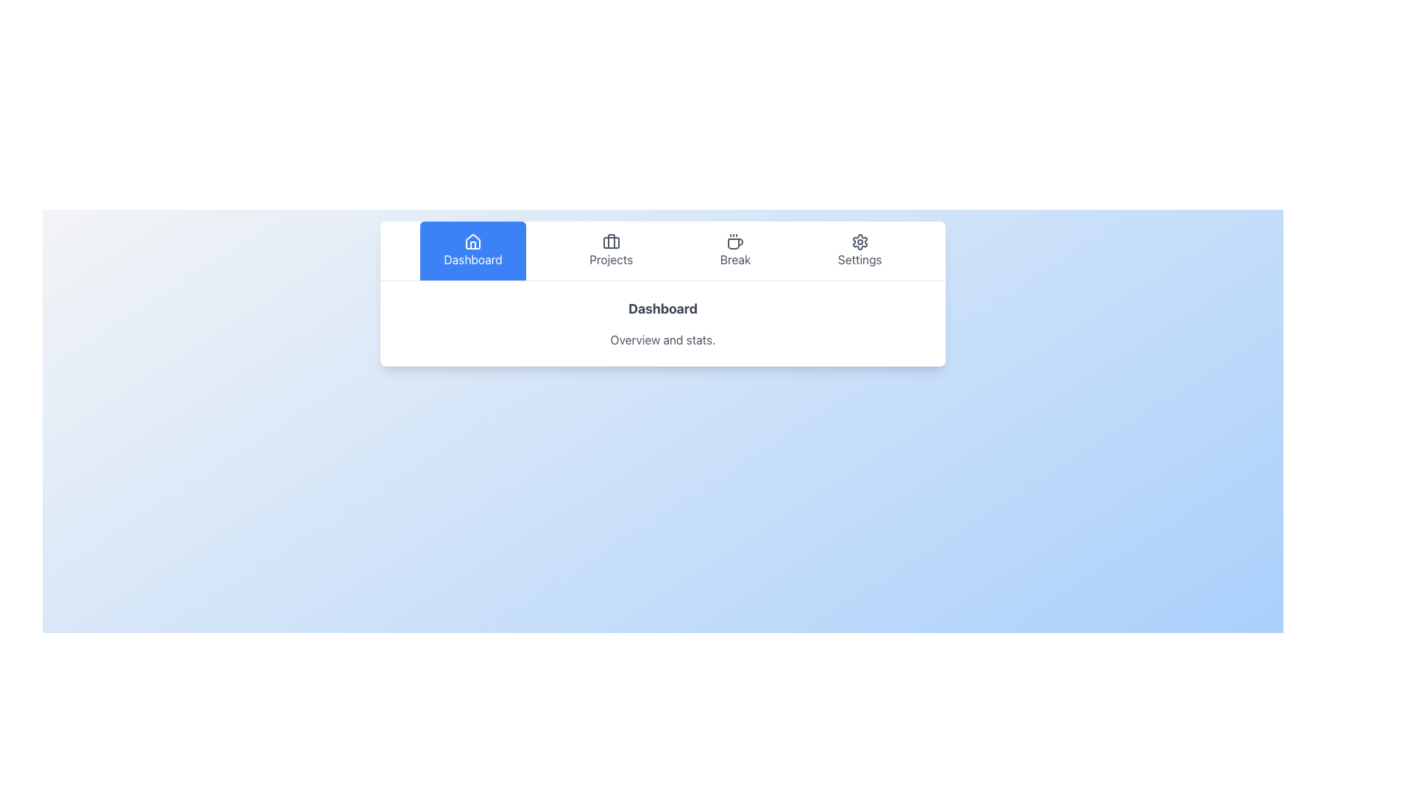 This screenshot has height=795, width=1413. What do you see at coordinates (611, 250) in the screenshot?
I see `the 'Projects' navigation button positioned second from the left in the horizontal navigation bar to trigger its hover effect` at bounding box center [611, 250].